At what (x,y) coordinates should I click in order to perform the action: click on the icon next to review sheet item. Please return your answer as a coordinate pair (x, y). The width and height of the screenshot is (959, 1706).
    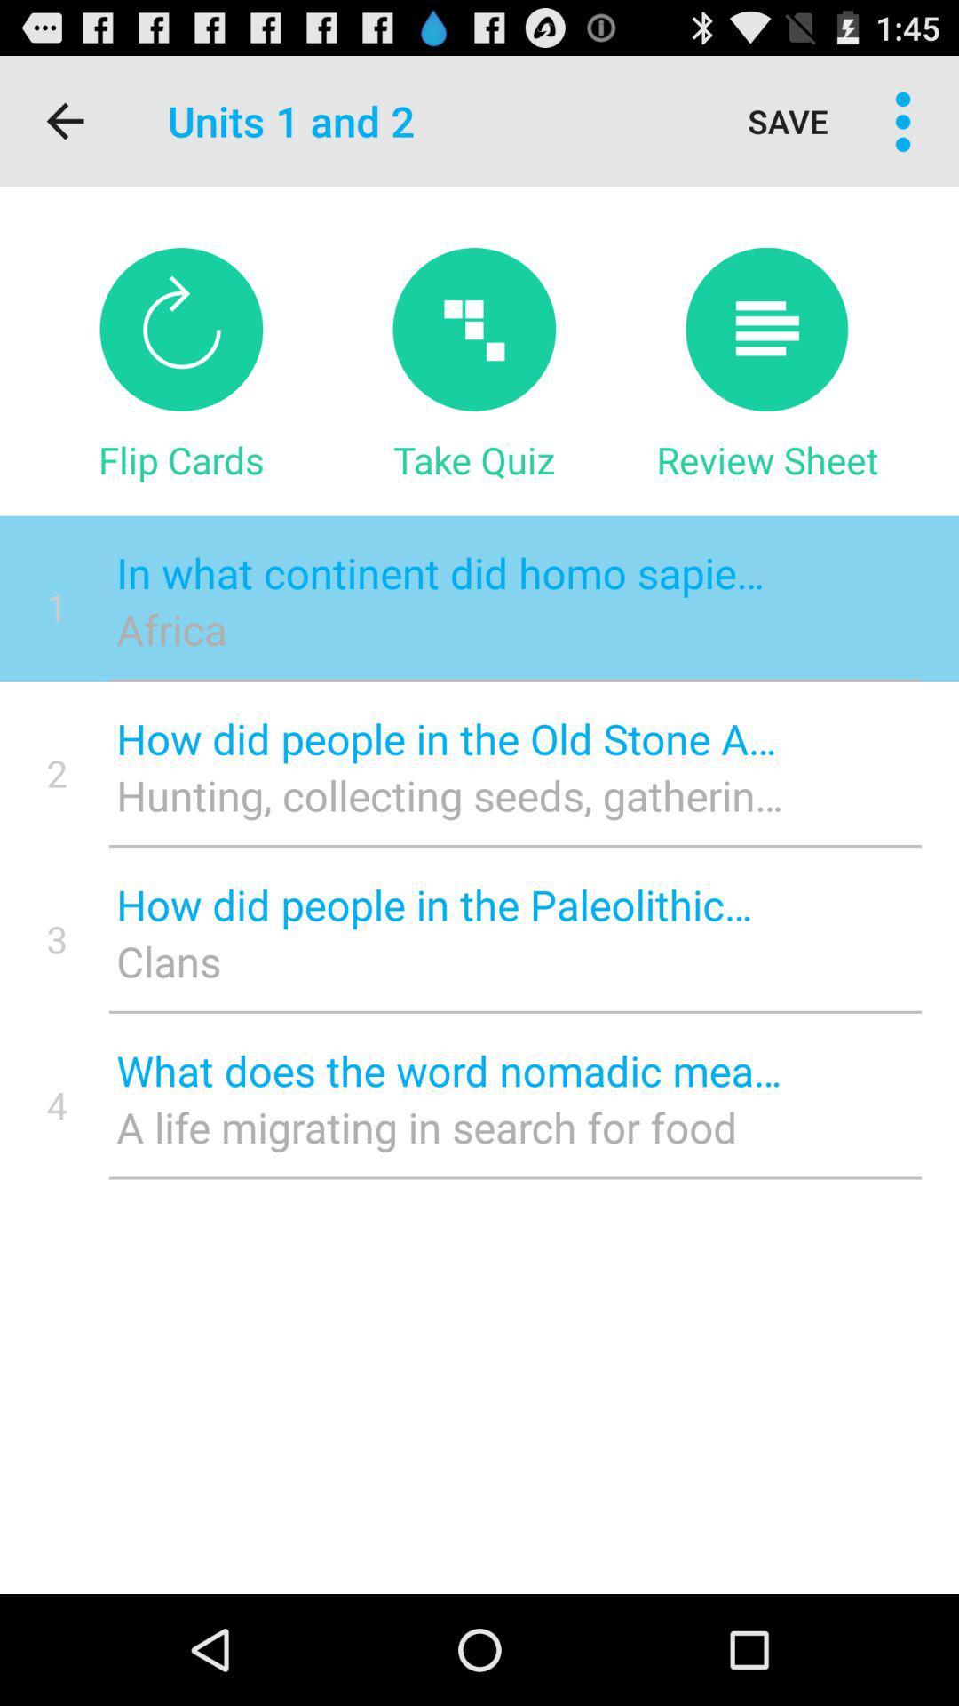
    Looking at the image, I should click on (473, 459).